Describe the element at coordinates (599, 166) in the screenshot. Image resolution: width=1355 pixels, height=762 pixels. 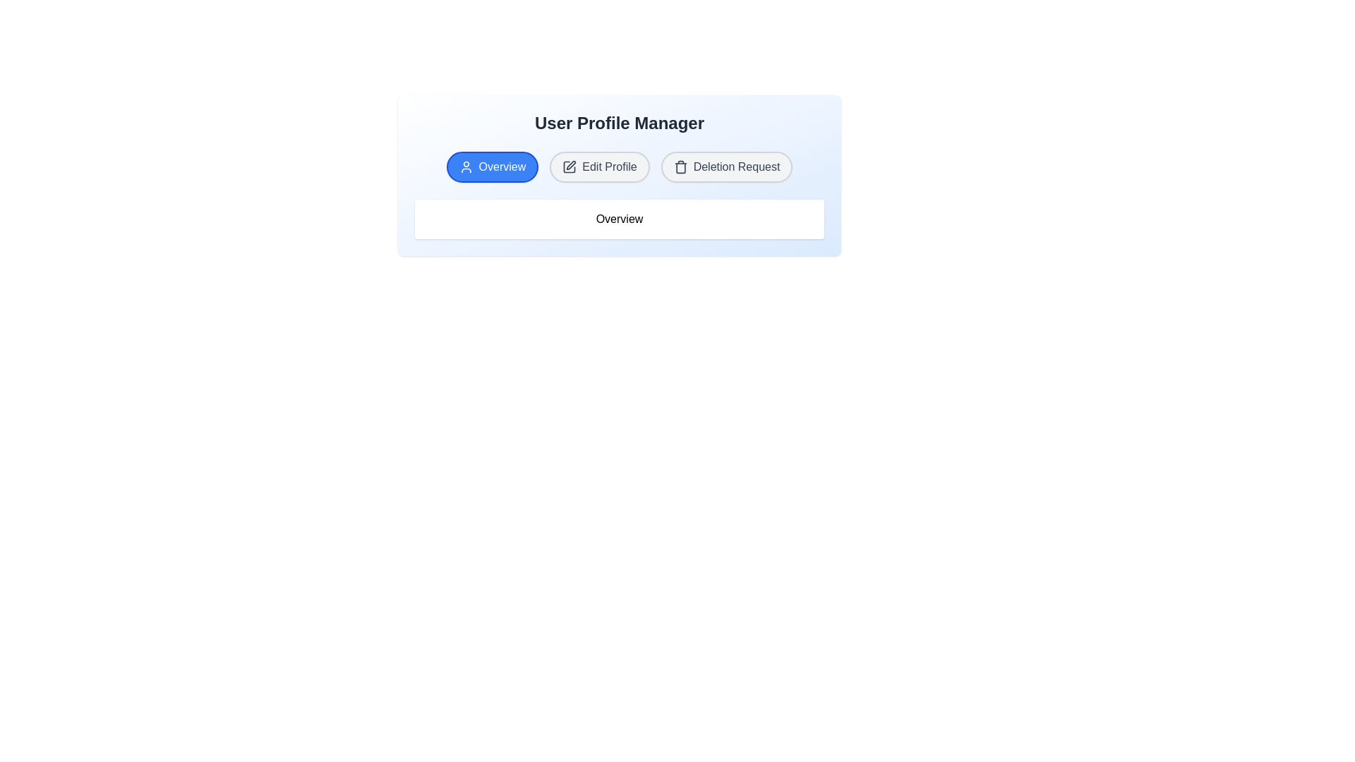
I see `the Edit Profile tab to observe its hover effect` at that location.